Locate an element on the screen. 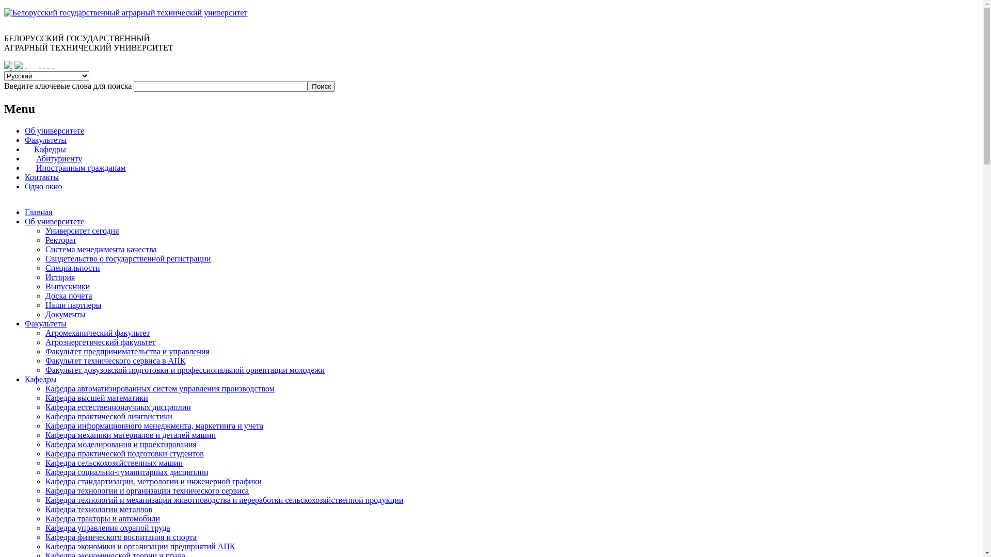  ' ' is located at coordinates (52, 65).